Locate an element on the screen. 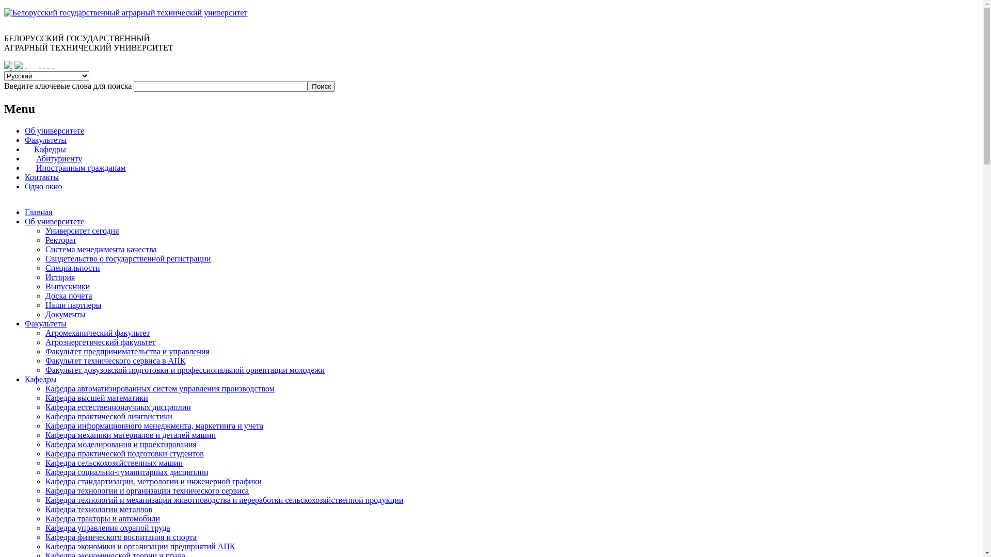  ' ' is located at coordinates (52, 65).